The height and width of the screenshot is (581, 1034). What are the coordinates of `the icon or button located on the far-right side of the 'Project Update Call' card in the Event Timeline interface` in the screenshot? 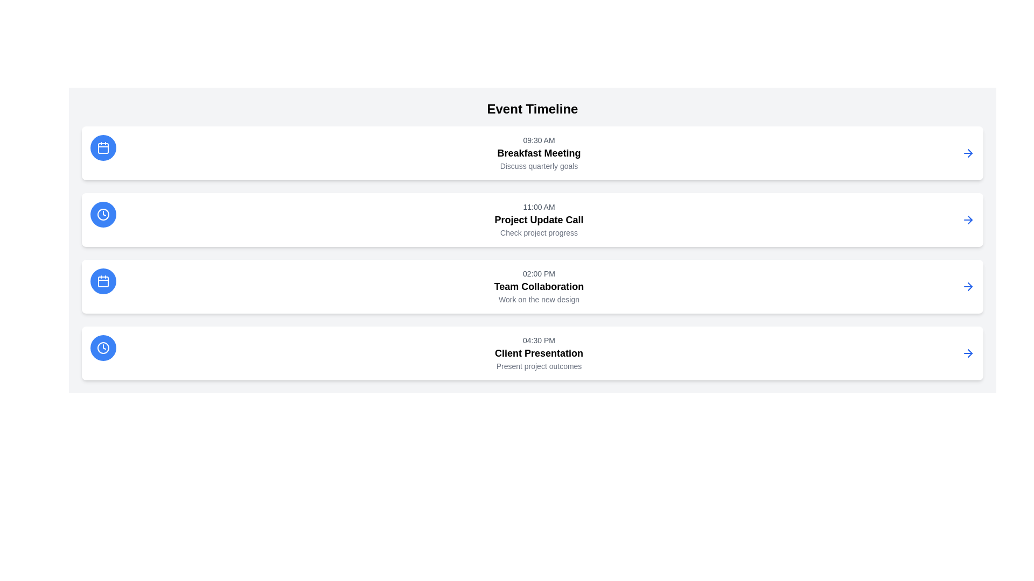 It's located at (968, 219).